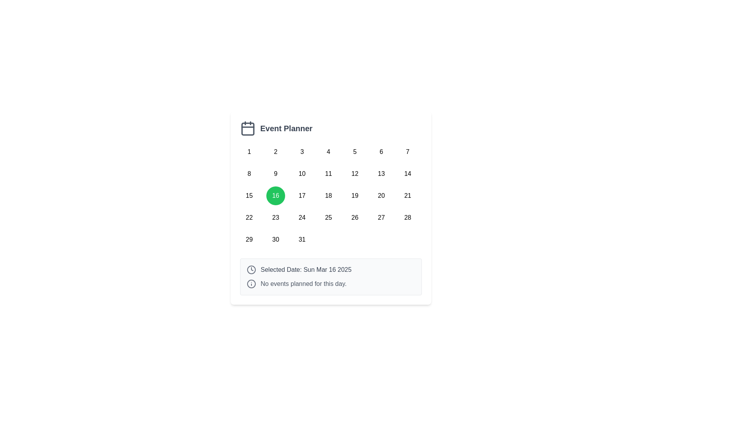  What do you see at coordinates (381, 217) in the screenshot?
I see `the calendar date button representing the 27th day of the month, located in the bottom-right area of the calendar grid, specifically the fifth column of the last row` at bounding box center [381, 217].